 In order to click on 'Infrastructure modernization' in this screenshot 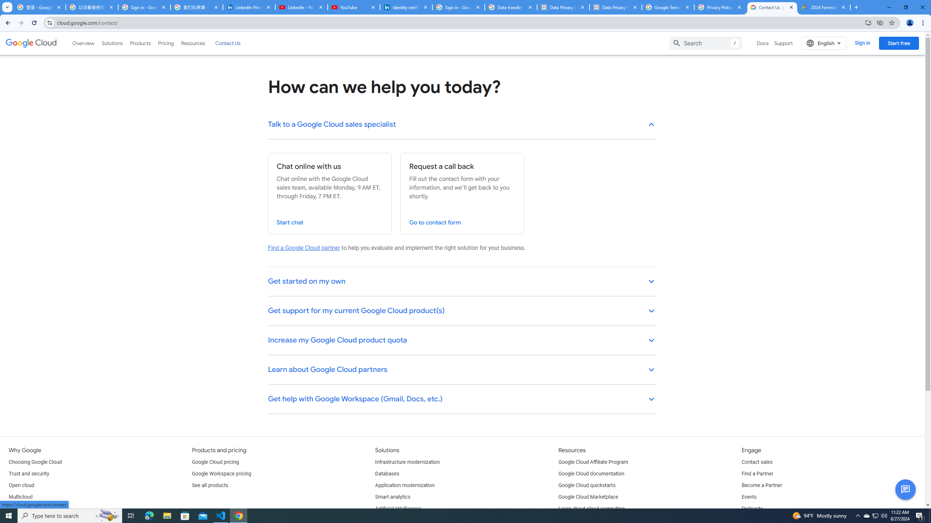, I will do `click(408, 462)`.